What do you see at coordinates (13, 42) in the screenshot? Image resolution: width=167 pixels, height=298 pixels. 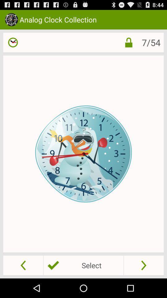 I see `clock` at bounding box center [13, 42].